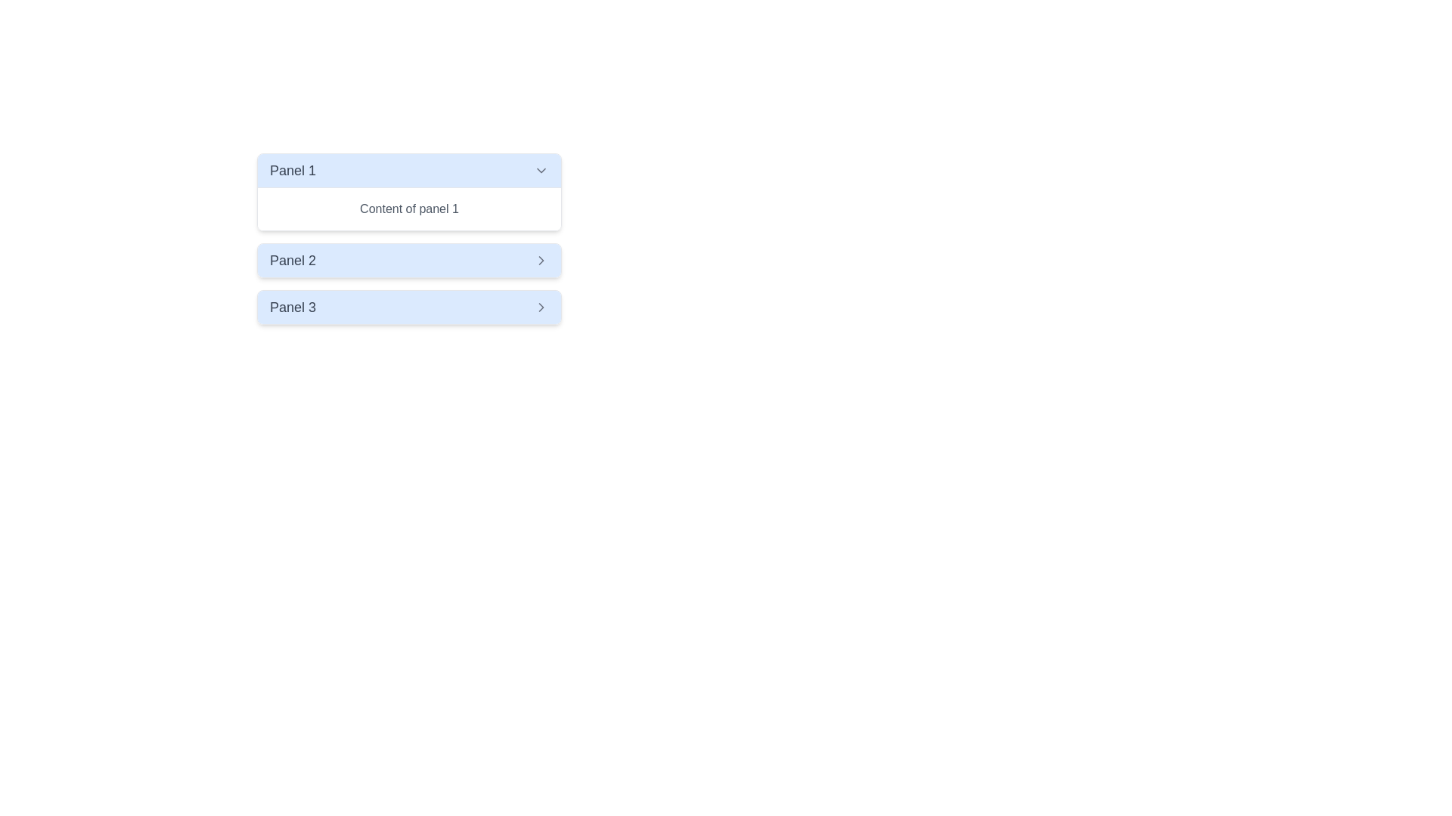 This screenshot has height=816, width=1452. I want to click on text label indicating the title or purpose of the first panel, which is located in the header on the left side of the expandable section icon, so click(293, 170).